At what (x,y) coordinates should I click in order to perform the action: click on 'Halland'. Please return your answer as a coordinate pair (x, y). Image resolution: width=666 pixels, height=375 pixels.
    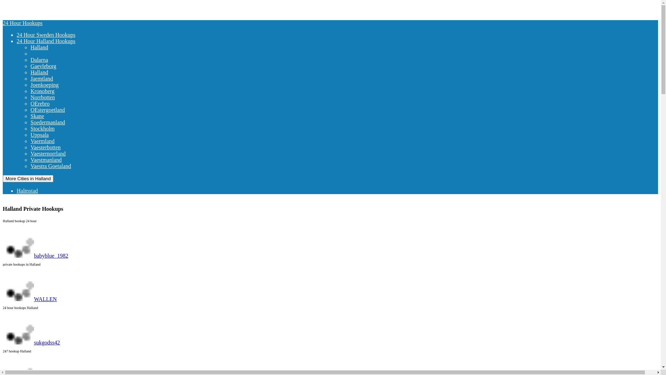
    Looking at the image, I should click on (51, 72).